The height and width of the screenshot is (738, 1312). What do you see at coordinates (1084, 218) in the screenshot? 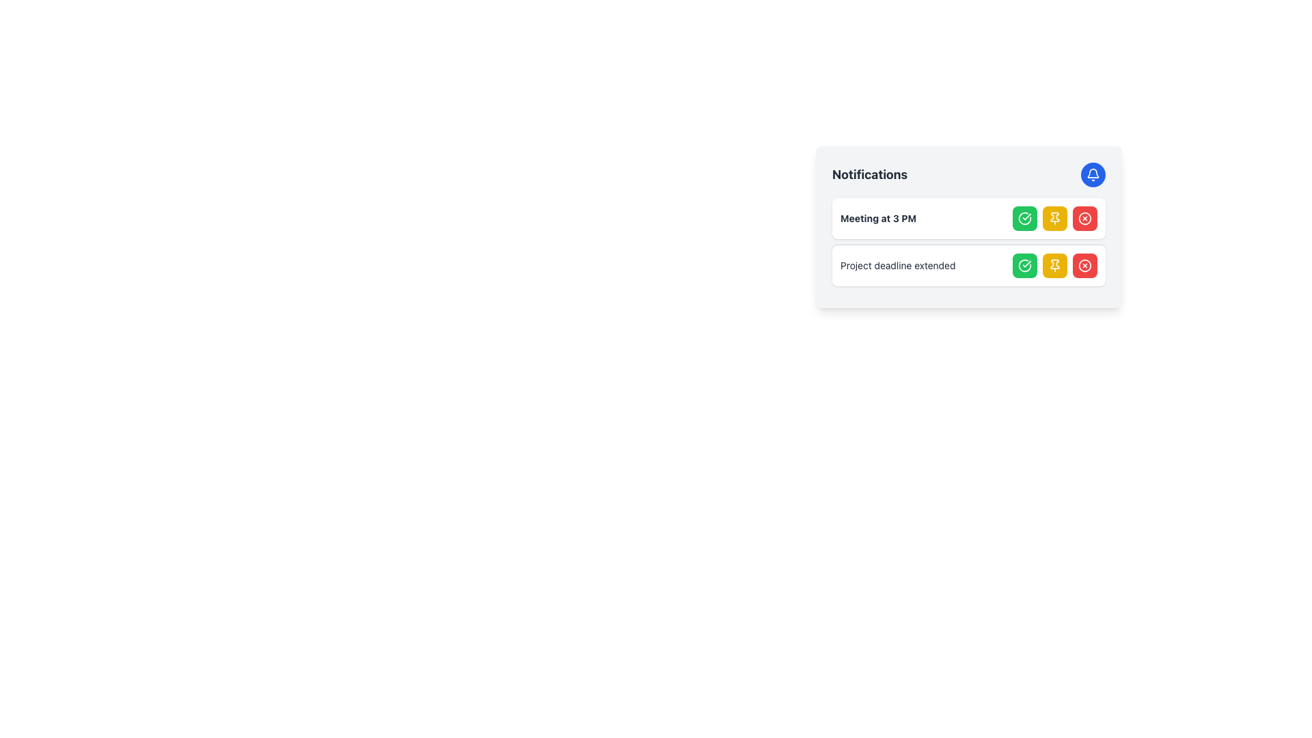
I see `the interactive graphical action button located in the notification section, which is the rightmost icon on the second row, next to the text 'Project deadline extended'` at bounding box center [1084, 218].